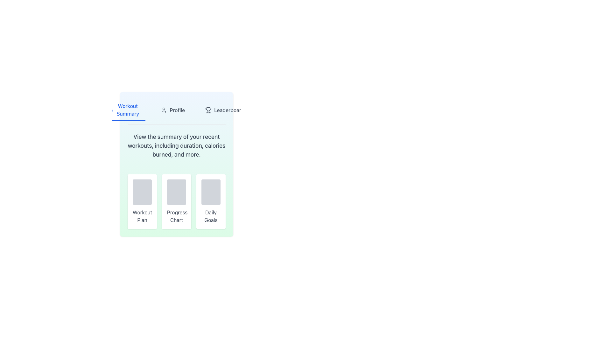 This screenshot has height=343, width=611. I want to click on the 'Workout Summary' header text in the navigation bar, so click(127, 110).